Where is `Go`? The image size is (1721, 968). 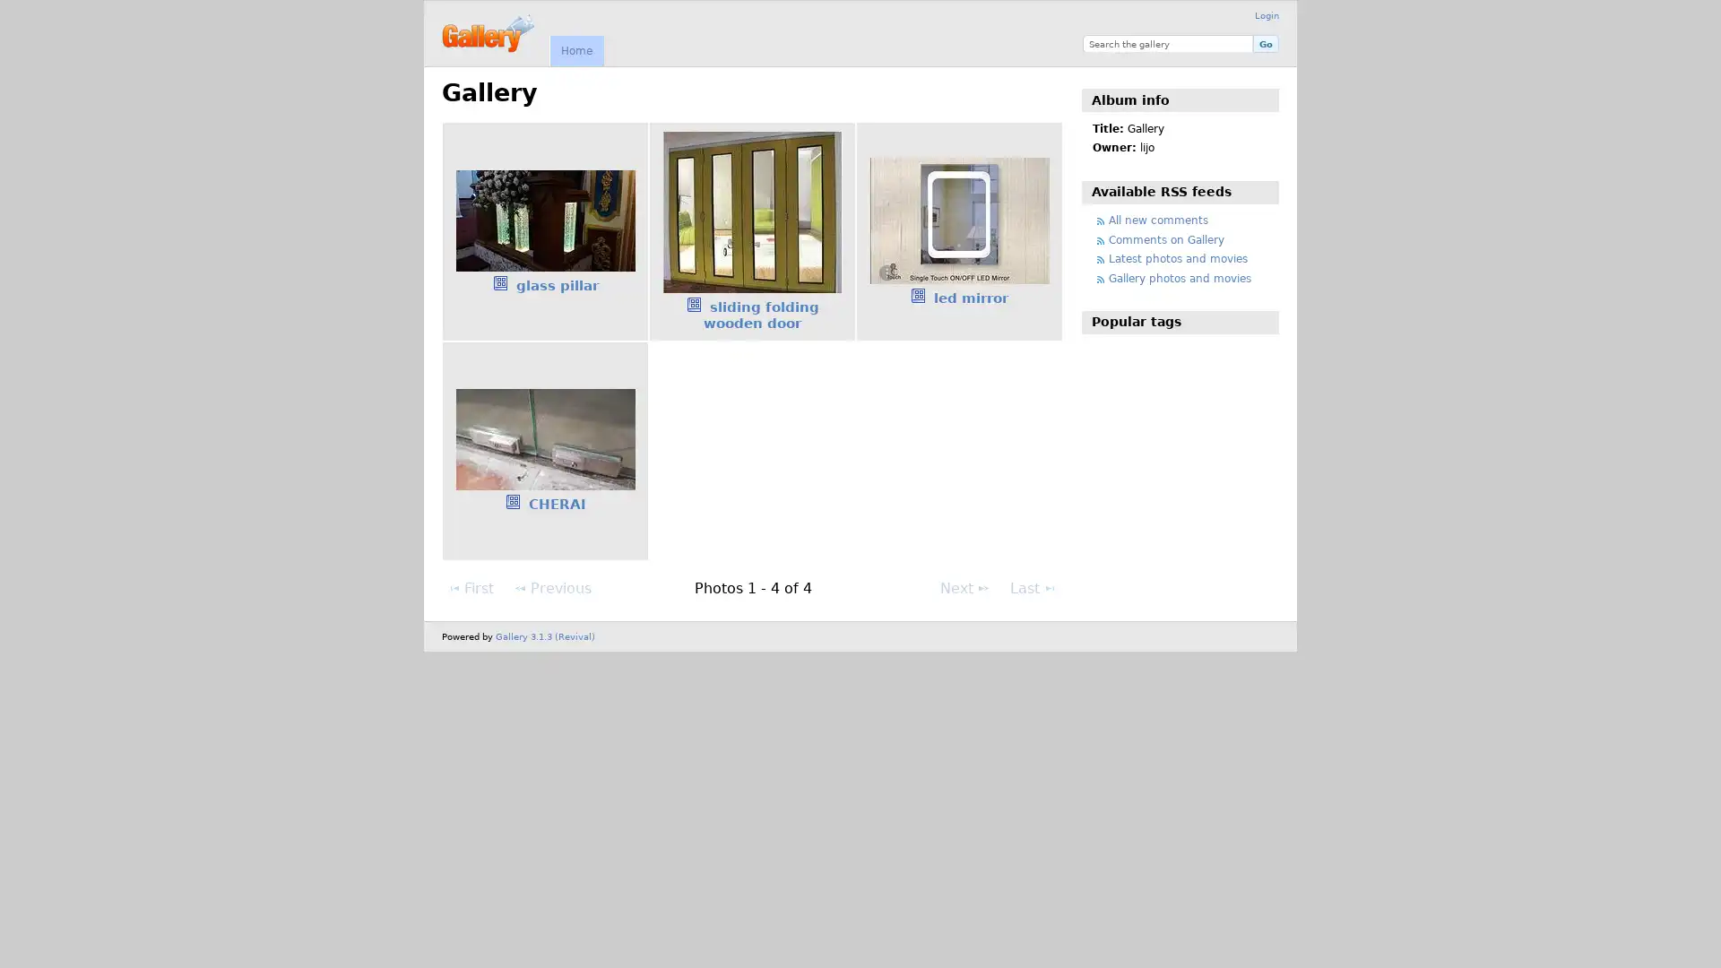
Go is located at coordinates (1264, 41).